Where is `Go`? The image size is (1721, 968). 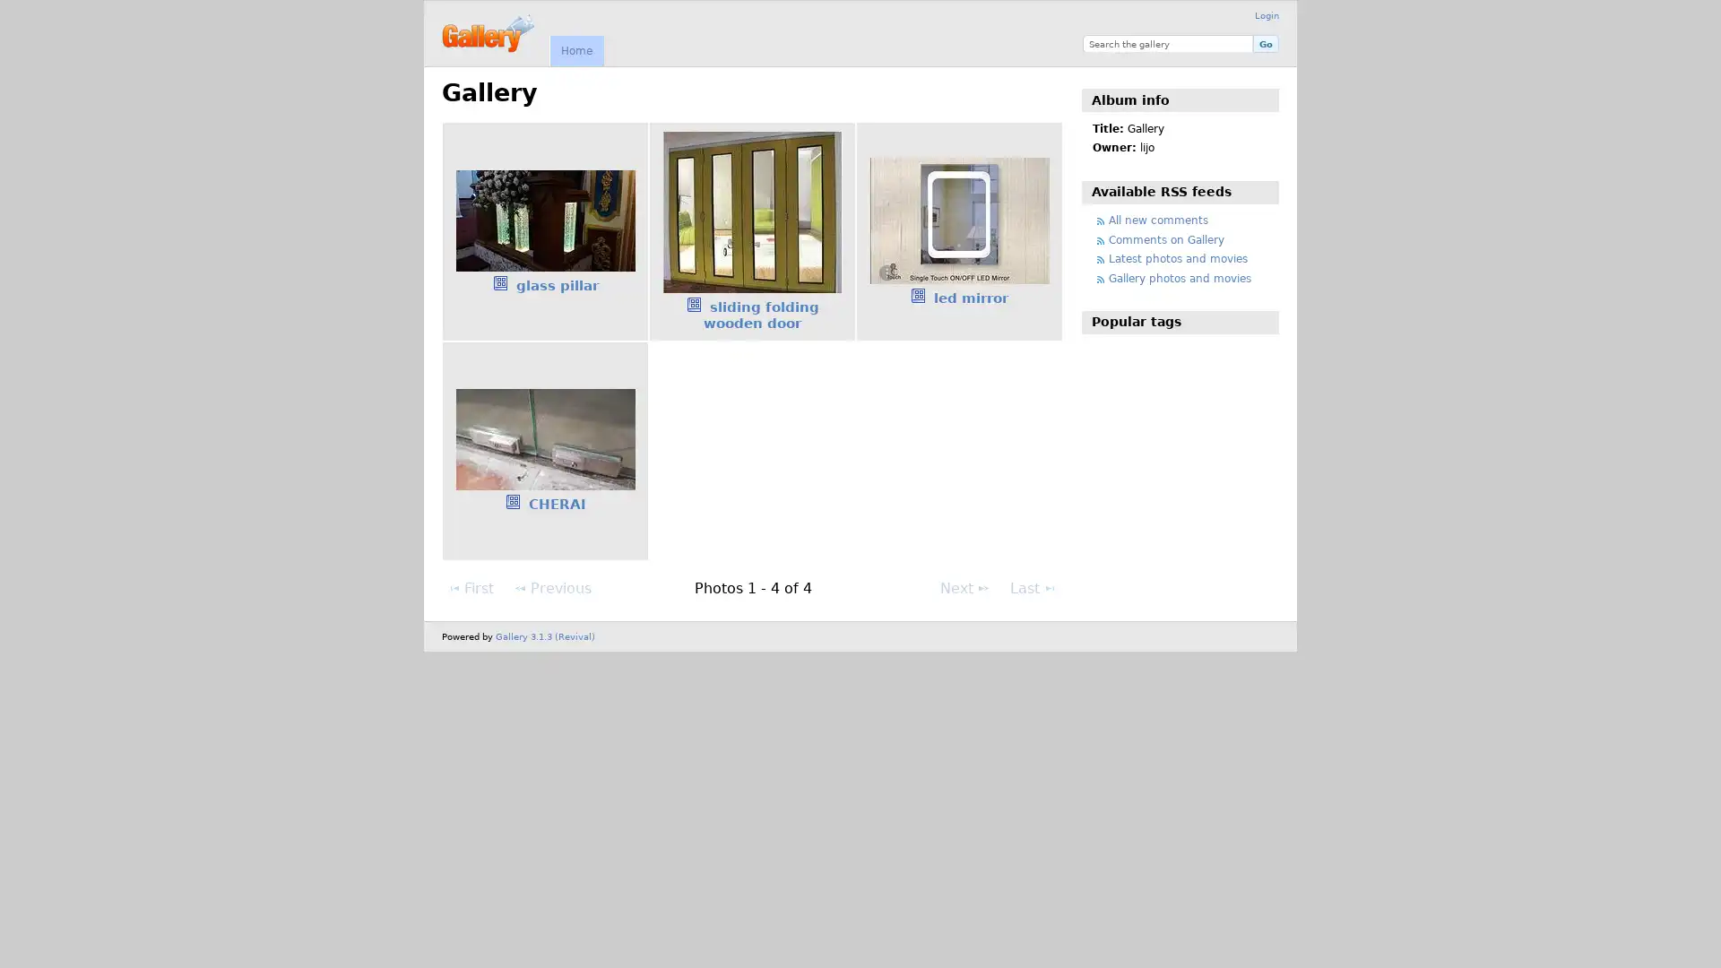
Go is located at coordinates (1264, 41).